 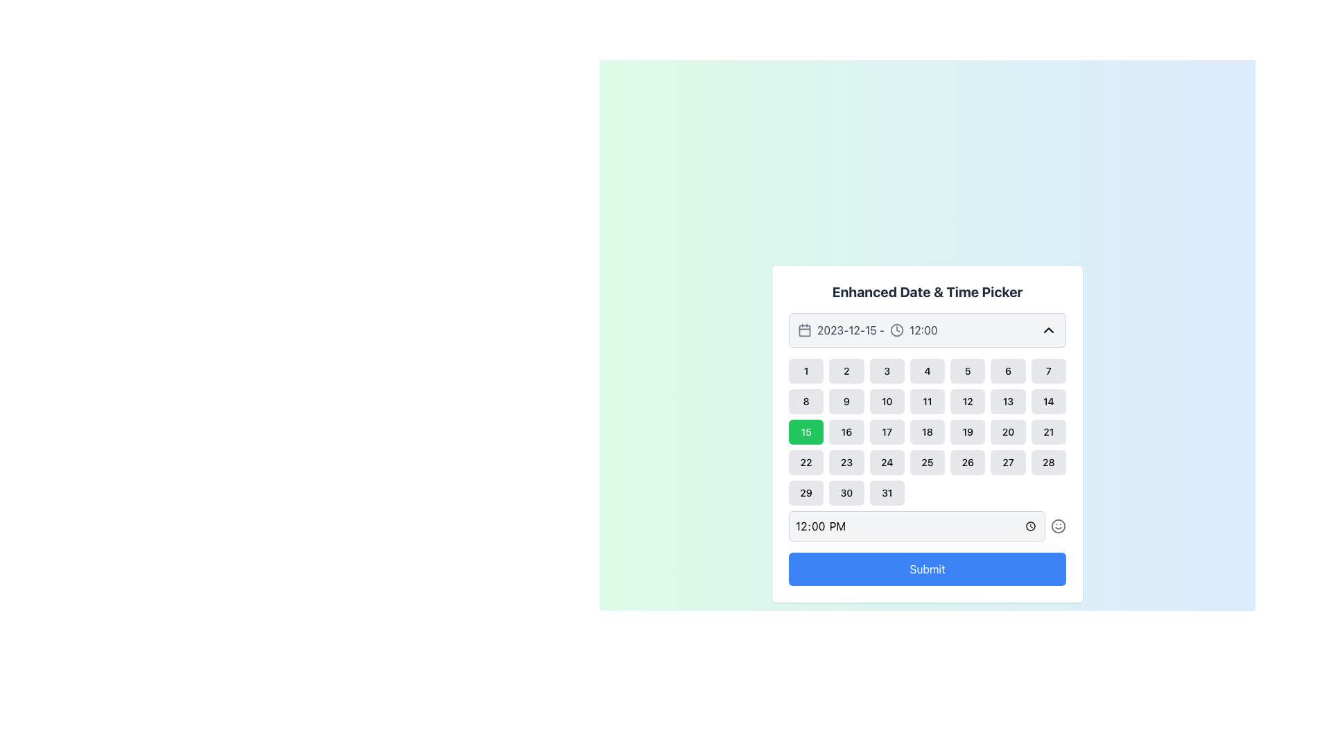 What do you see at coordinates (1008, 431) in the screenshot?
I see `the square-shaped button with rounded corners that displays the number '20' in black text, located in the third row and sixth column of the calendar modal, to change its background color to green` at bounding box center [1008, 431].